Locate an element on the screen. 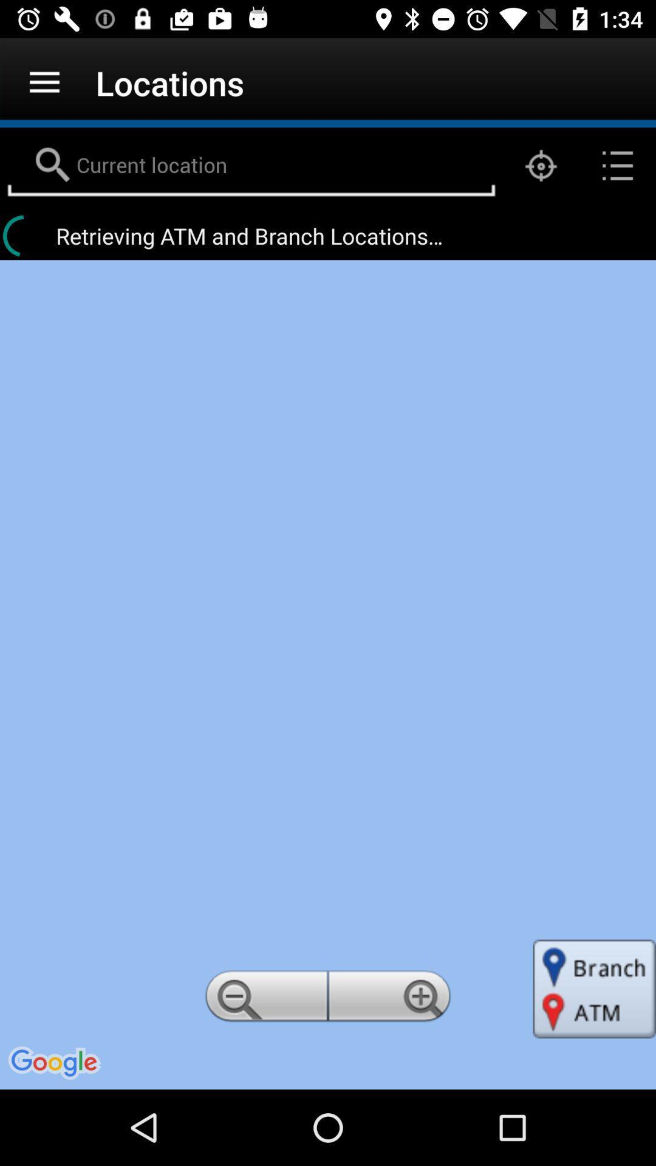 This screenshot has width=656, height=1166. the list icon is located at coordinates (618, 165).